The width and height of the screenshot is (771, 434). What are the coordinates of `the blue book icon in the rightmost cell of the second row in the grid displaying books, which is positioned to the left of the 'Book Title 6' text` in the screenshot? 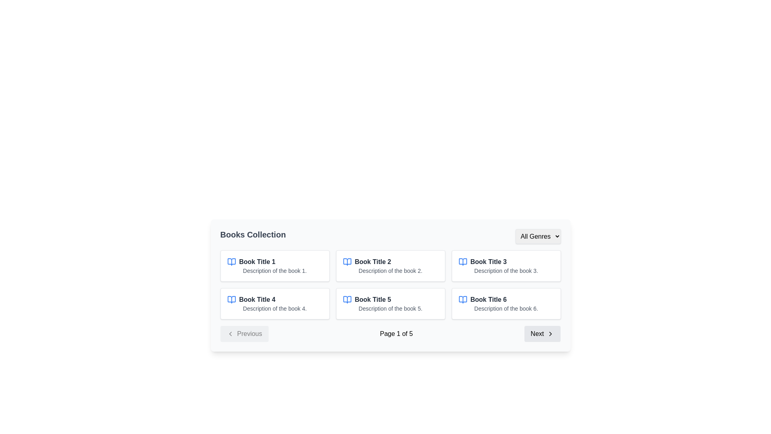 It's located at (463, 299).